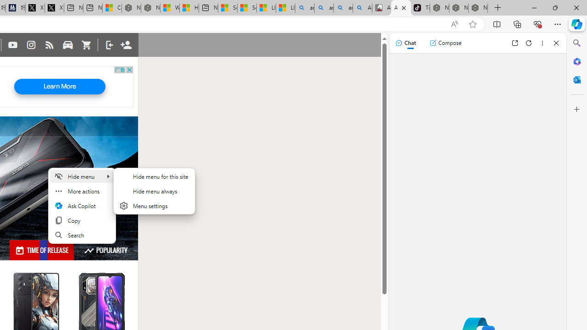 Image resolution: width=587 pixels, height=330 pixels. I want to click on 'TikTok', so click(420, 8).